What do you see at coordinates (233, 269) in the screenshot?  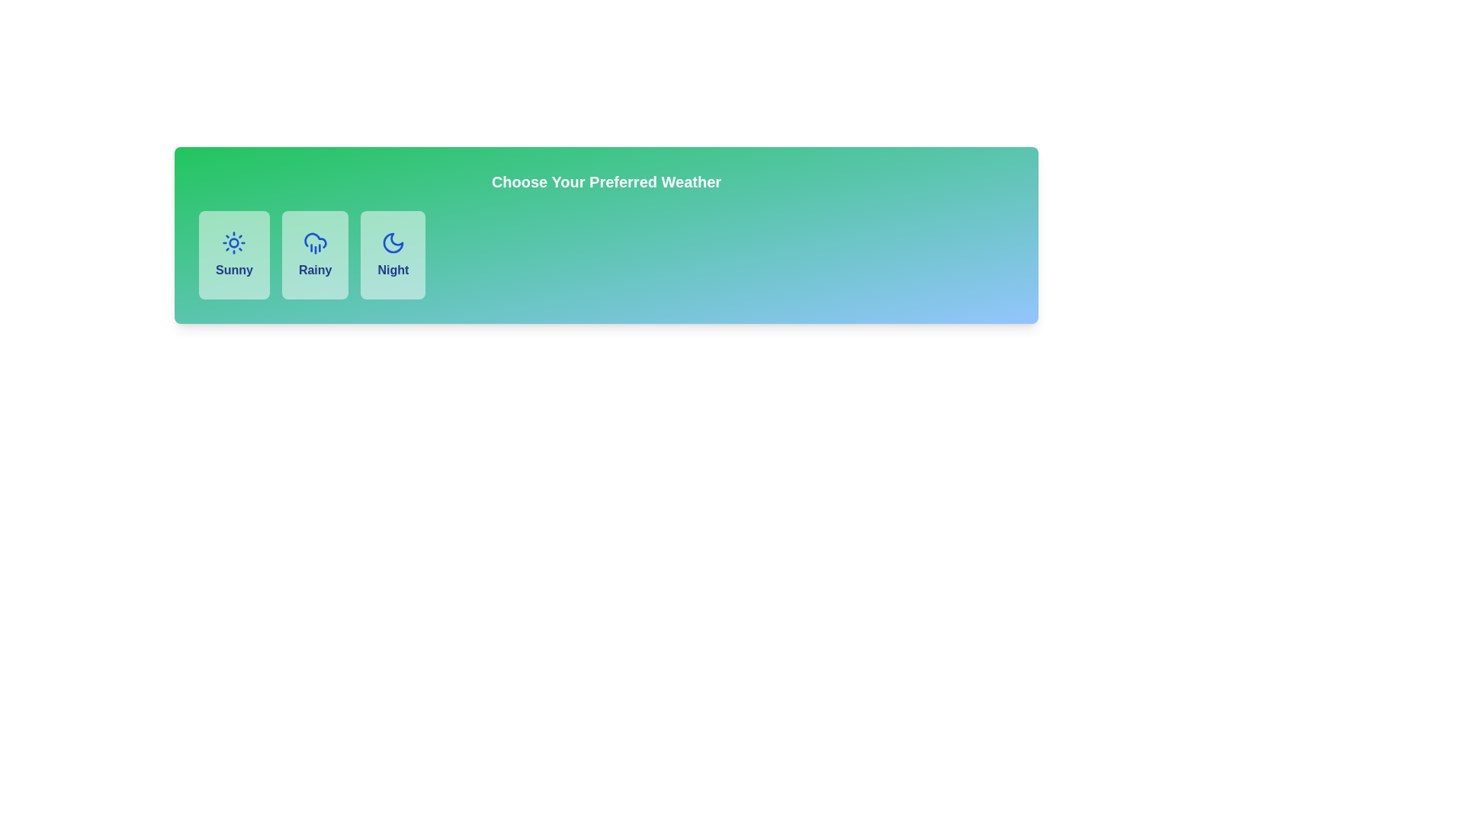 I see `the static text label associated with the 'Sunny' weather option` at bounding box center [233, 269].